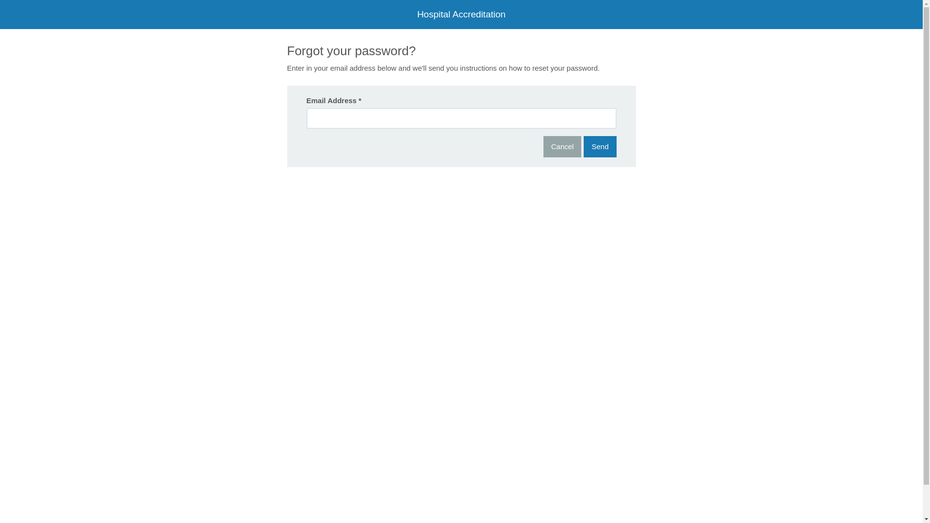 The width and height of the screenshot is (930, 523). I want to click on 'Cancel', so click(562, 146).